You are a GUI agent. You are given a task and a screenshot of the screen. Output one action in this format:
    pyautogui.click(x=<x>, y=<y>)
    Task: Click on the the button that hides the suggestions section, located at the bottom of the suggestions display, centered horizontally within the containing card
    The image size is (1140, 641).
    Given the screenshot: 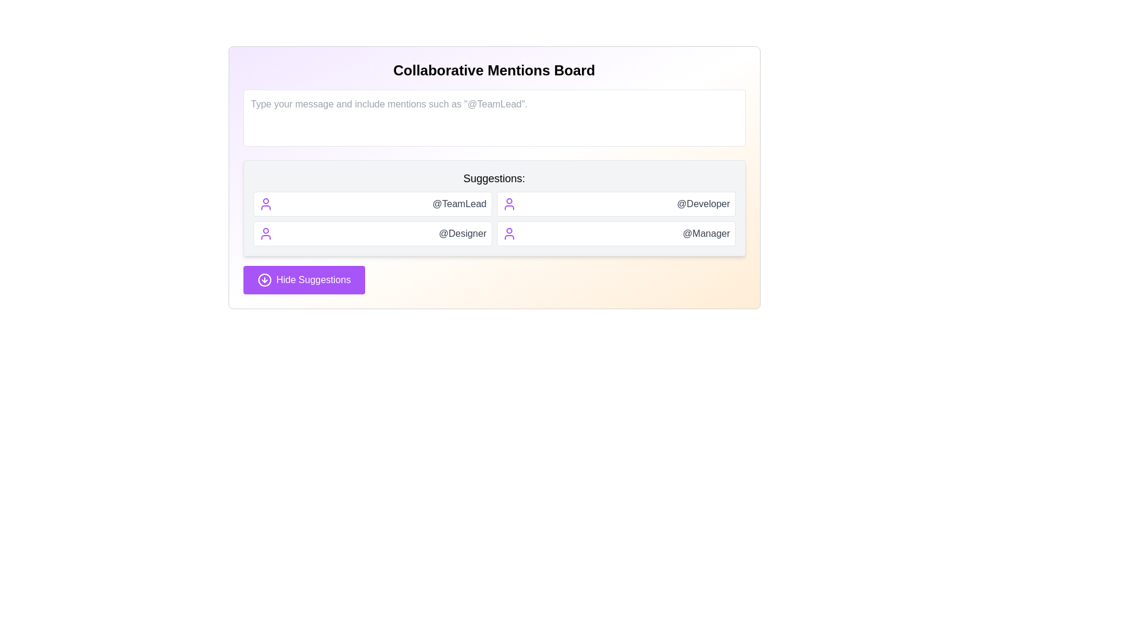 What is the action you would take?
    pyautogui.click(x=304, y=280)
    